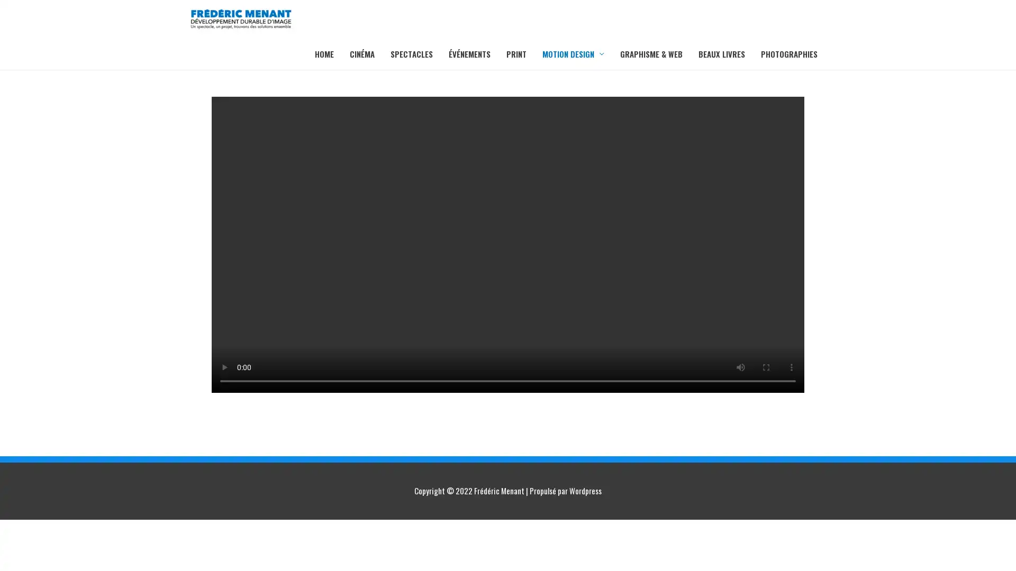 The width and height of the screenshot is (1016, 571). I want to click on enter full screen, so click(766, 366).